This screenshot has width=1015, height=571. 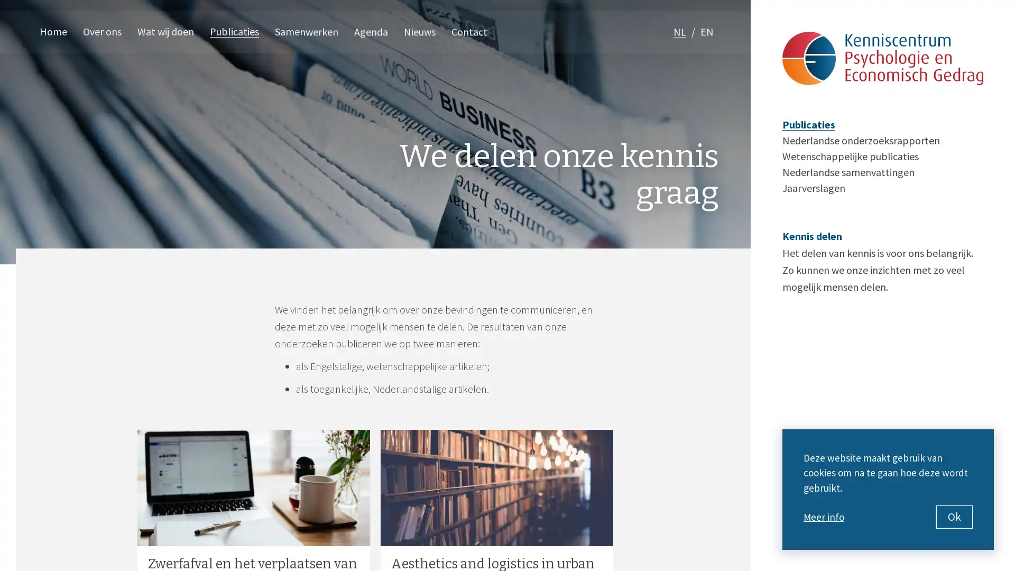 I want to click on Ok, so click(x=954, y=517).